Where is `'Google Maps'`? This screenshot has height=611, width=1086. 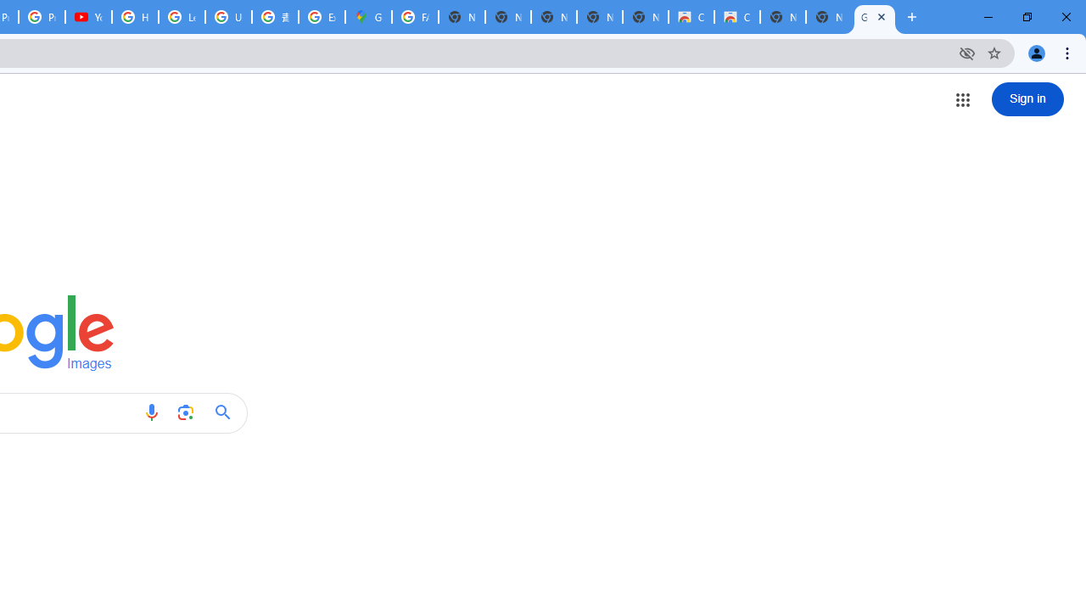 'Google Maps' is located at coordinates (367, 17).